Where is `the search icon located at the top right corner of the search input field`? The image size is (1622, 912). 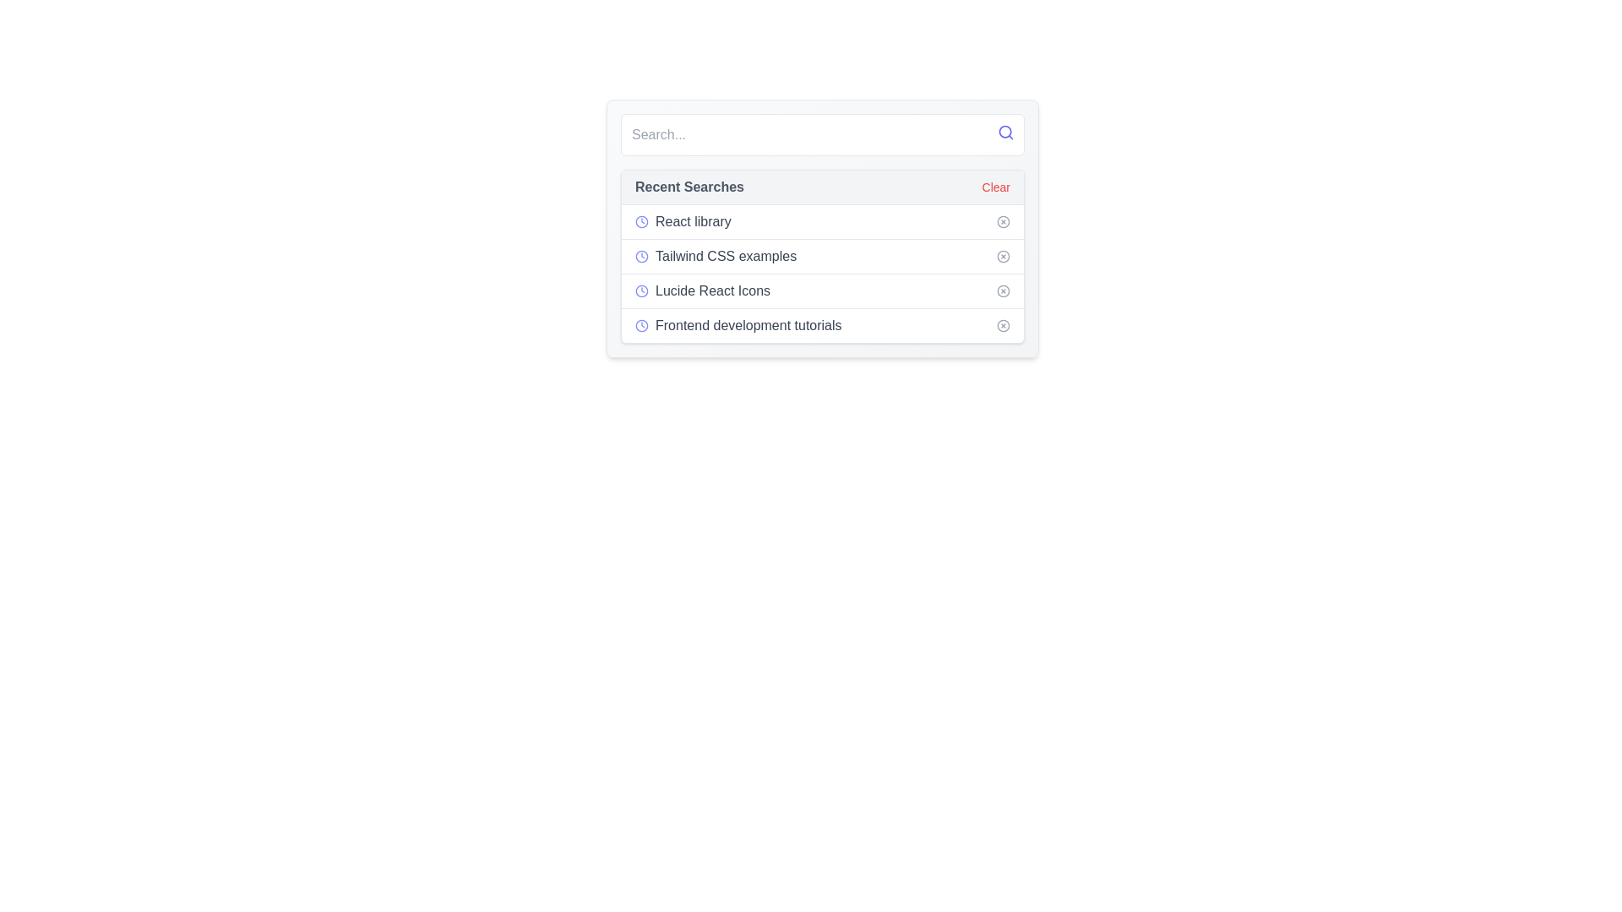
the search icon located at the top right corner of the search input field is located at coordinates (1005, 132).